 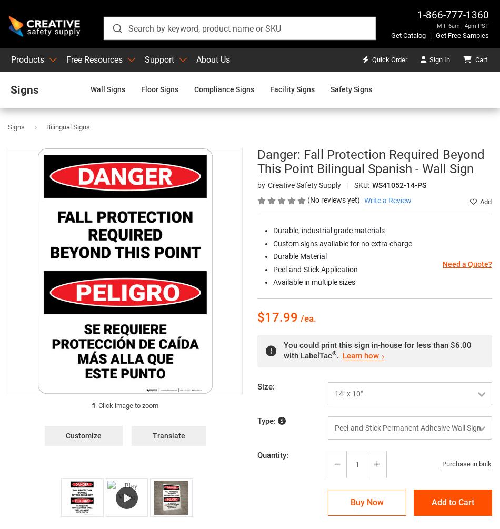 I want to click on 'Sign In', so click(x=439, y=59).